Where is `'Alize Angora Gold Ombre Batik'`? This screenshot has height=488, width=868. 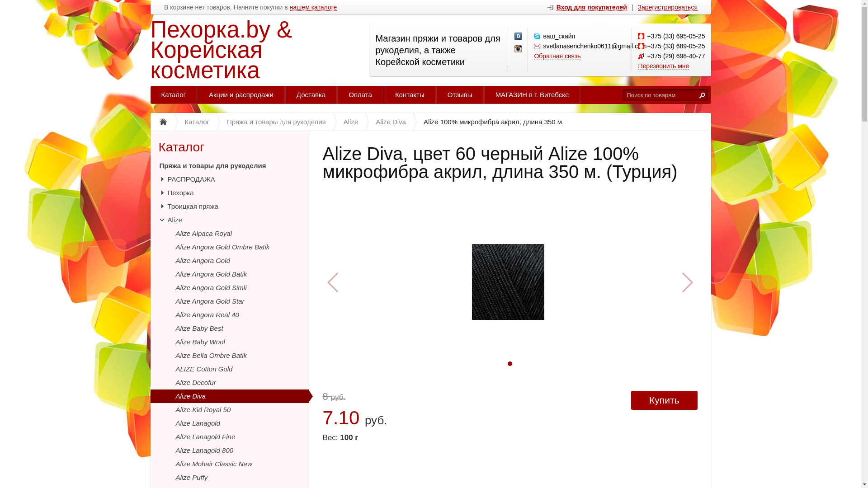
'Alize Angora Gold Ombre Batik' is located at coordinates (229, 247).